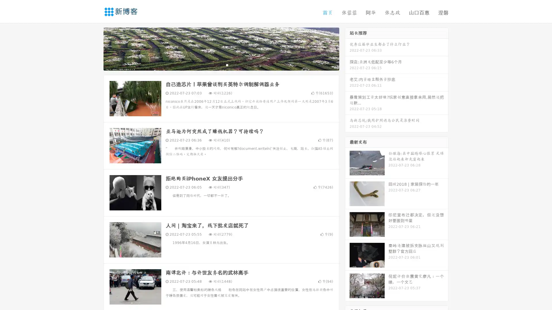 The image size is (552, 310). What do you see at coordinates (227, 65) in the screenshot?
I see `Go to slide 3` at bounding box center [227, 65].